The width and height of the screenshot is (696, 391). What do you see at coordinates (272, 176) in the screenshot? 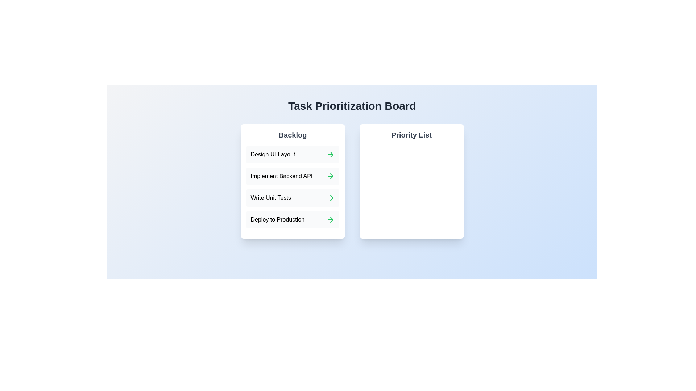
I see `the task 'Implement Backend API' in the Backlog section` at bounding box center [272, 176].